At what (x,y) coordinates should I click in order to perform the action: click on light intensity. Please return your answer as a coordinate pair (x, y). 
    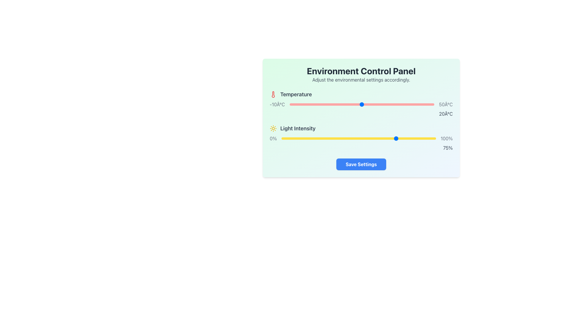
    Looking at the image, I should click on (339, 138).